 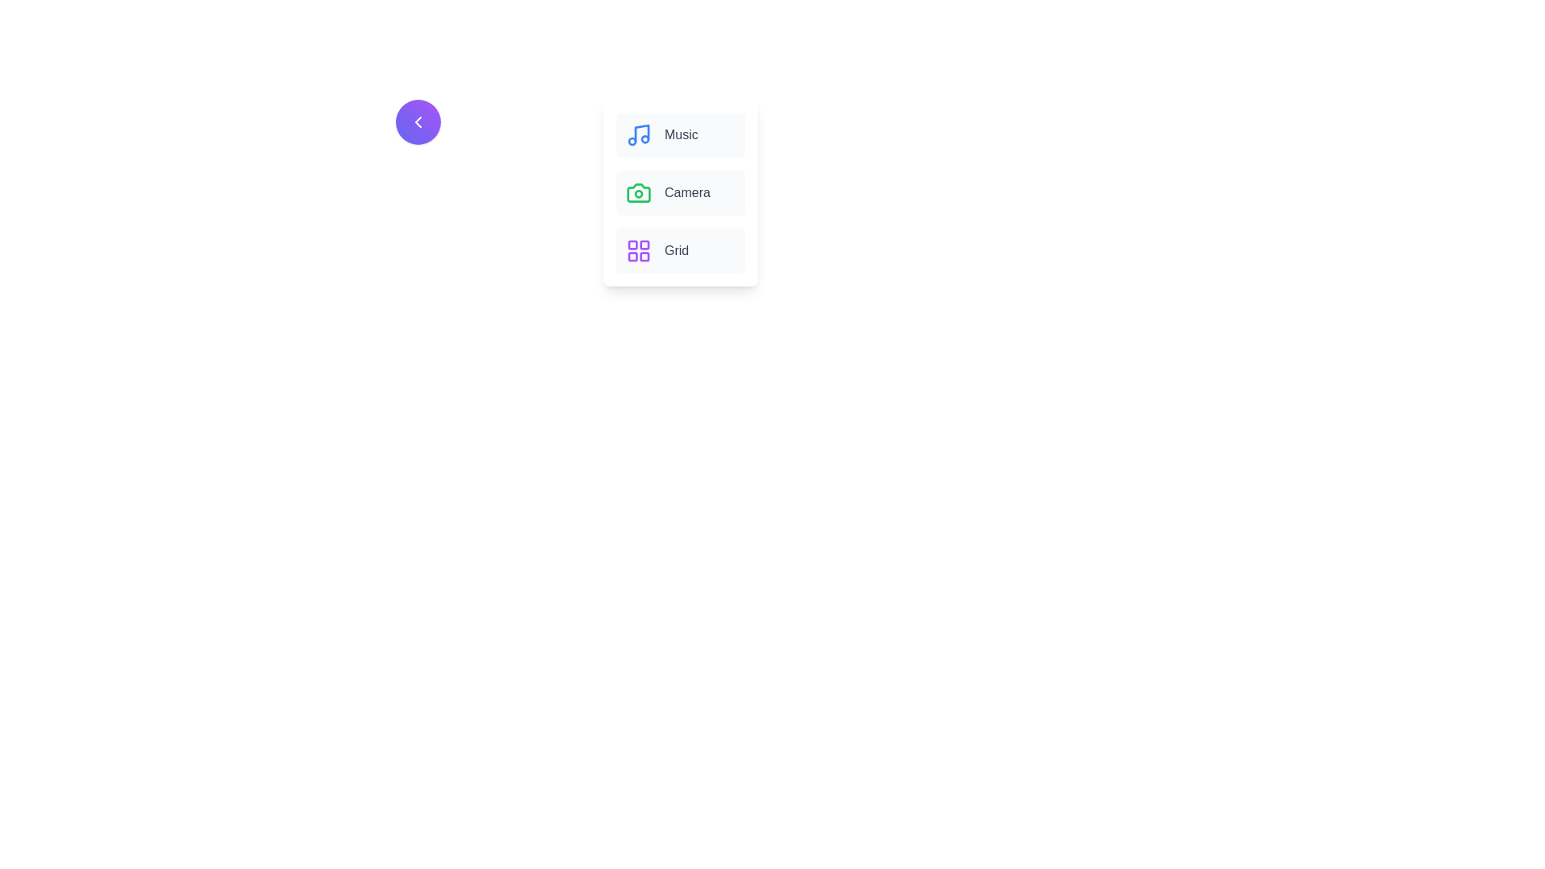 I want to click on the menu item labeled Music by clicking on it, so click(x=680, y=134).